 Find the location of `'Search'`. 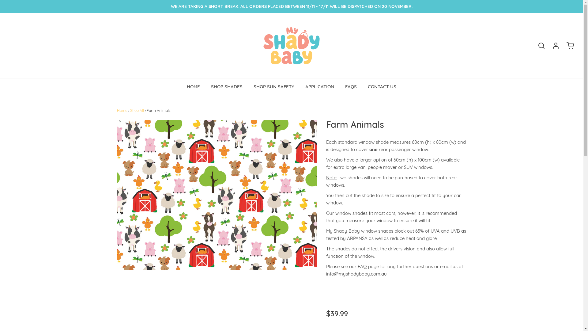

'Search' is located at coordinates (538, 45).